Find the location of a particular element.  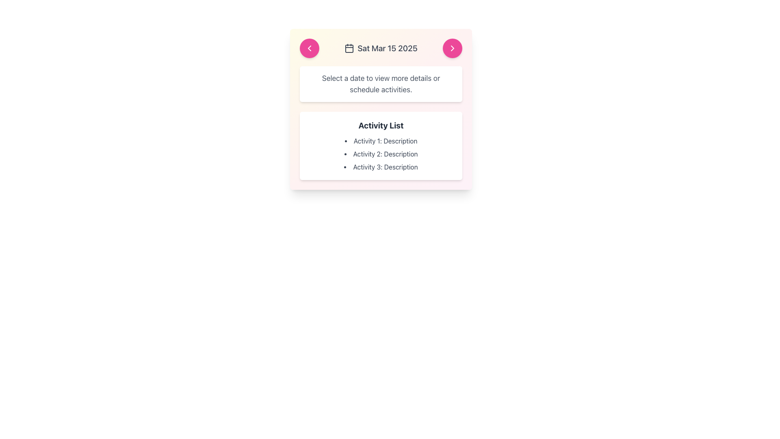

the circular pink button with a white right arrow icon is located at coordinates (452, 48).